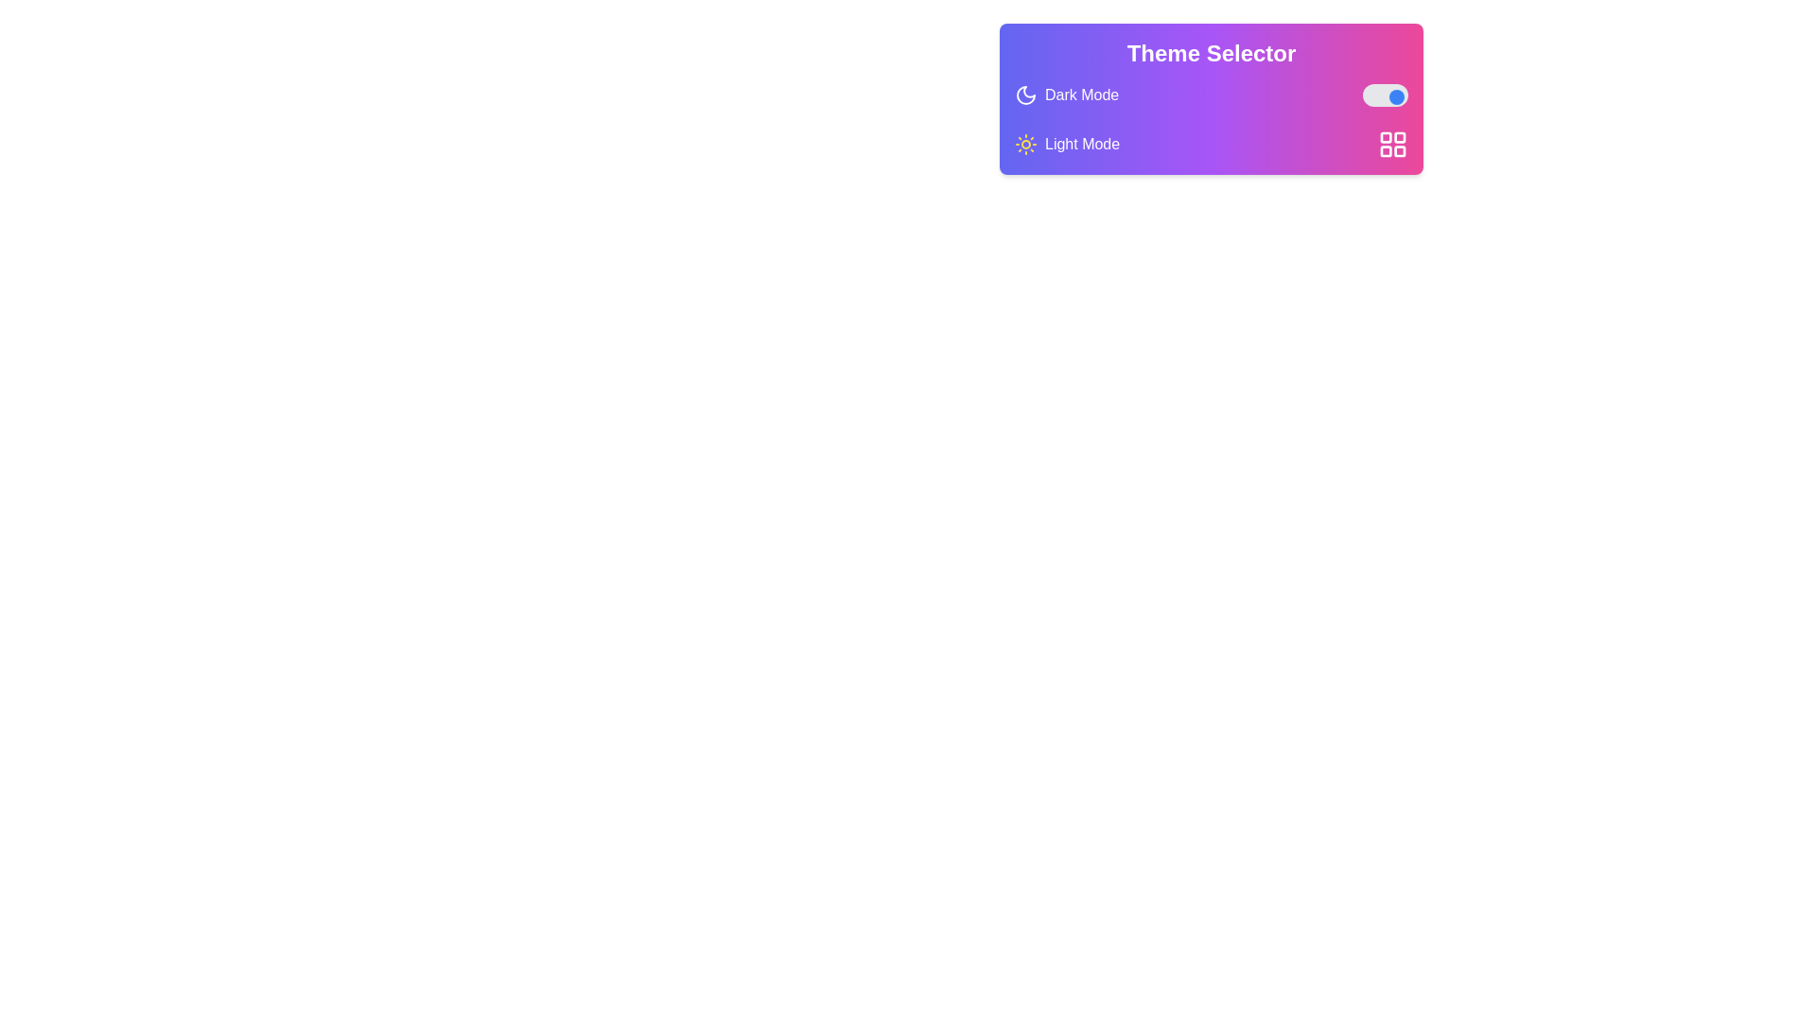  I want to click on the graphical icon representing part of a grid layout, specifically the second square in the first row, so click(1399, 136).